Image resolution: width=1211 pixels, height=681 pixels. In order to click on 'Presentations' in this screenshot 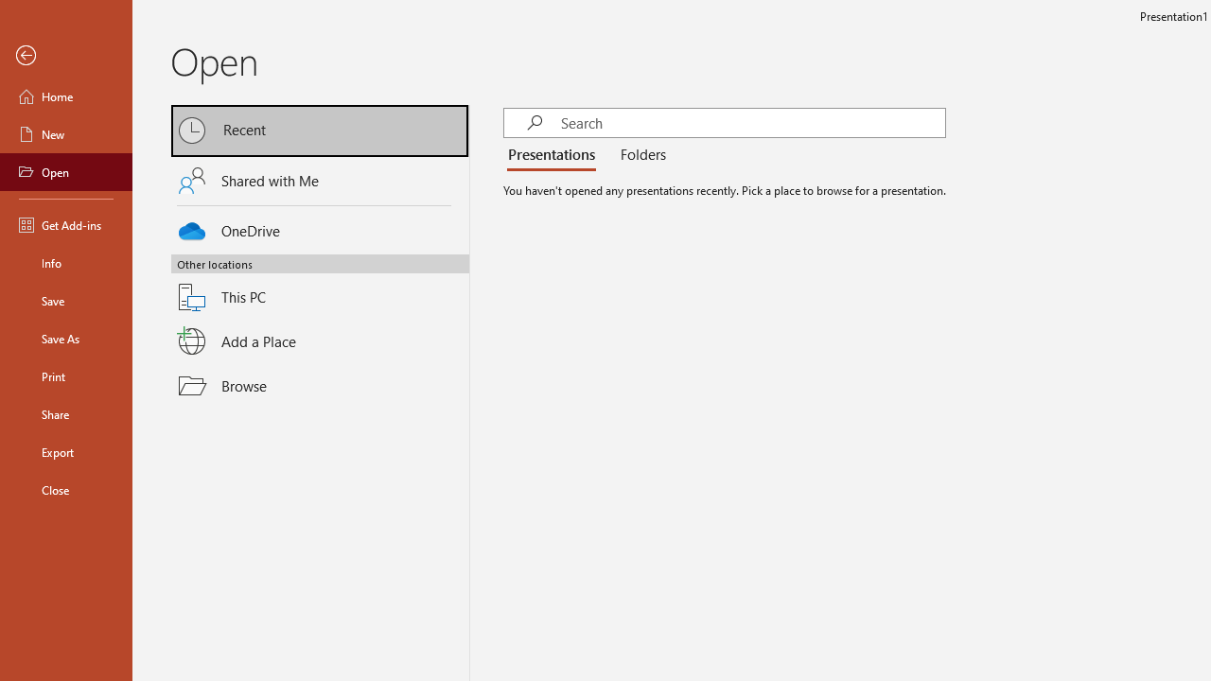, I will do `click(554, 154)`.